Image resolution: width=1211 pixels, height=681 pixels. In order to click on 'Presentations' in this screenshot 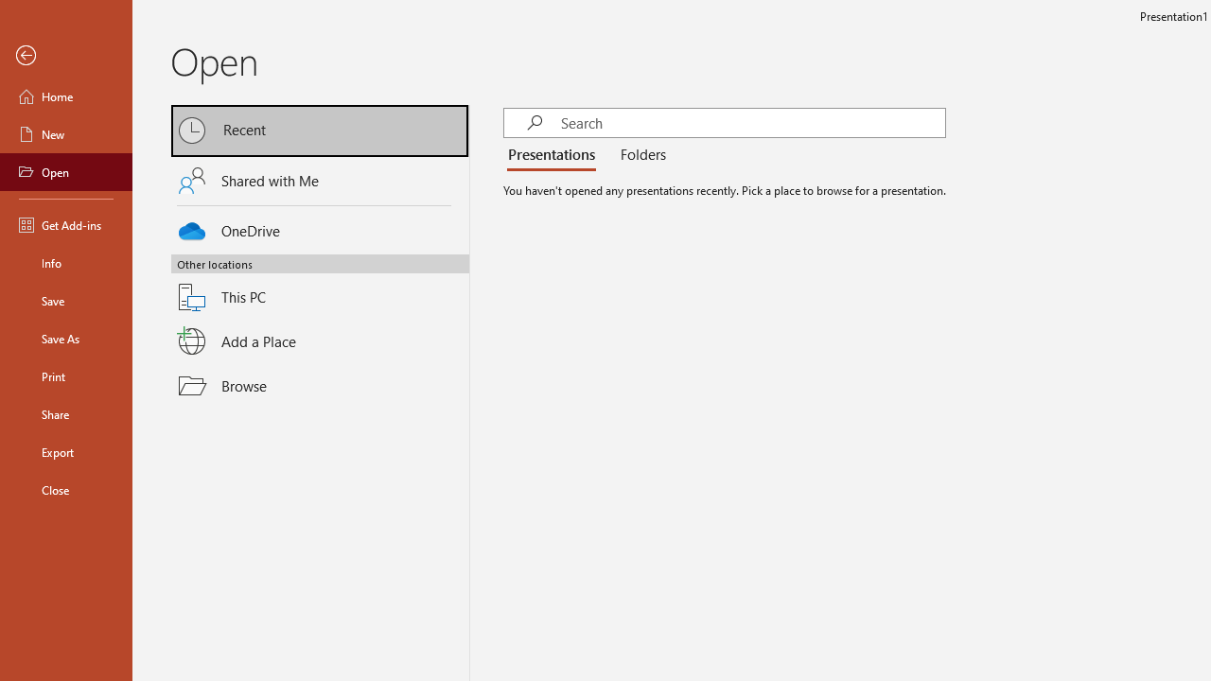, I will do `click(554, 154)`.